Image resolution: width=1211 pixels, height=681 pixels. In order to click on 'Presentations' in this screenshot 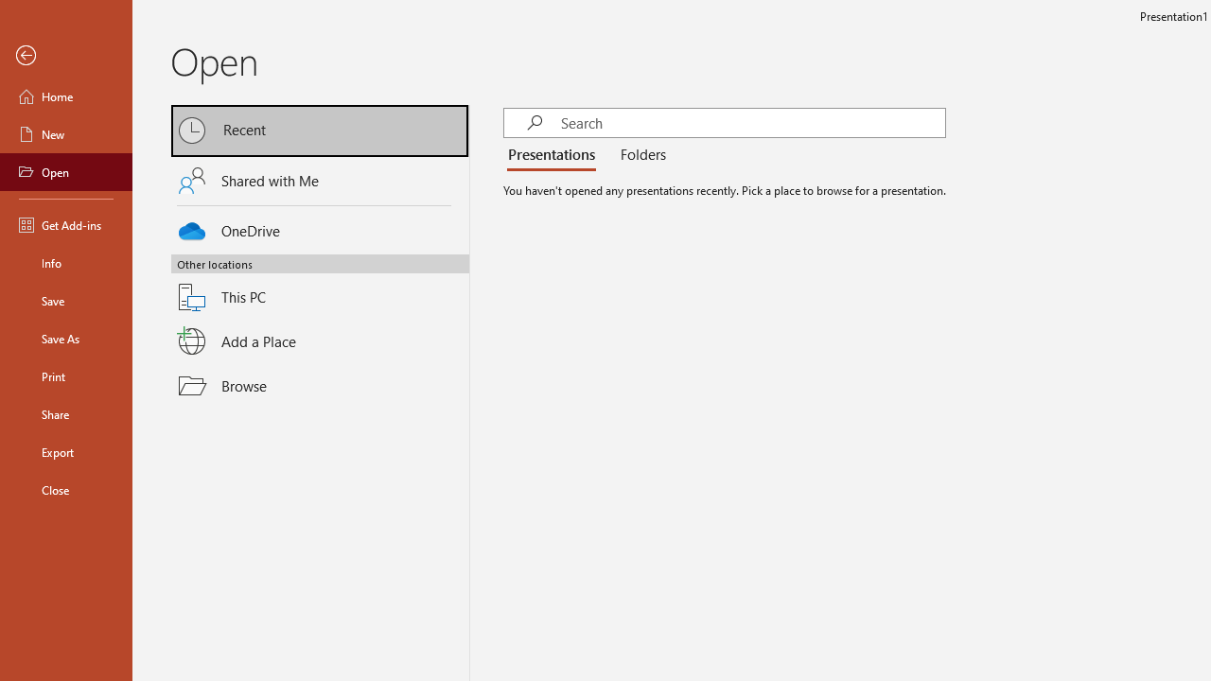, I will do `click(554, 154)`.